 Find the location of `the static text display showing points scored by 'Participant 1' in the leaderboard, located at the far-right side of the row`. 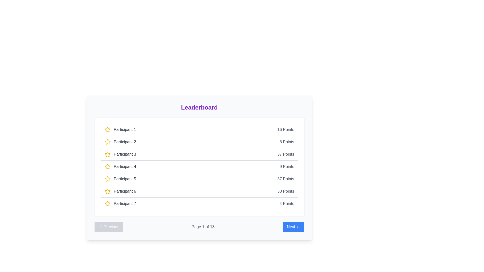

the static text display showing points scored by 'Participant 1' in the leaderboard, located at the far-right side of the row is located at coordinates (286, 129).